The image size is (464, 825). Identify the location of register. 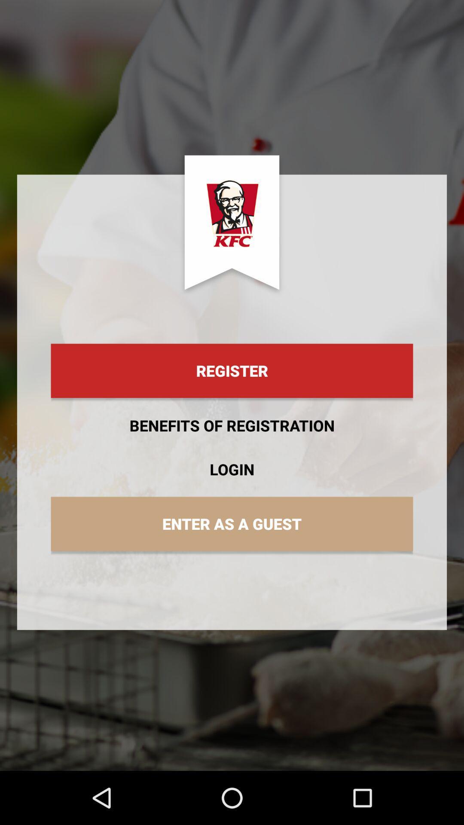
(232, 371).